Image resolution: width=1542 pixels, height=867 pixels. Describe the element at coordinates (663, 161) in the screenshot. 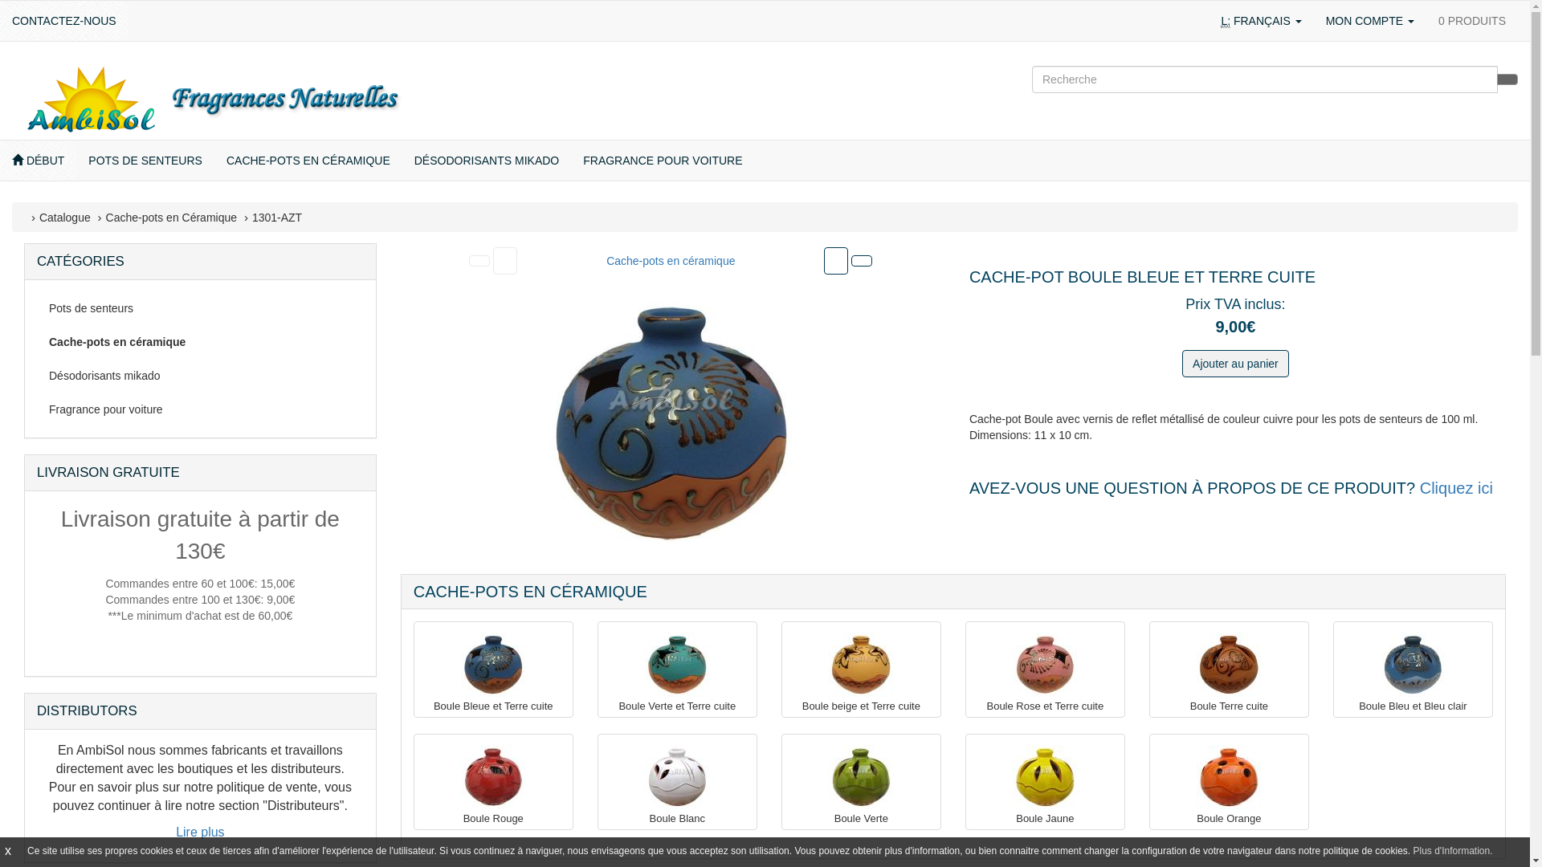

I see `'FRAGRANCE POUR VOITURE'` at that location.